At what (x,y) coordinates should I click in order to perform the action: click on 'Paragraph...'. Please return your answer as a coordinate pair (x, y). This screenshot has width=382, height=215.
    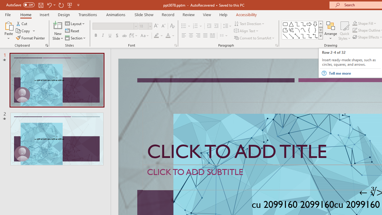
    Looking at the image, I should click on (276, 45).